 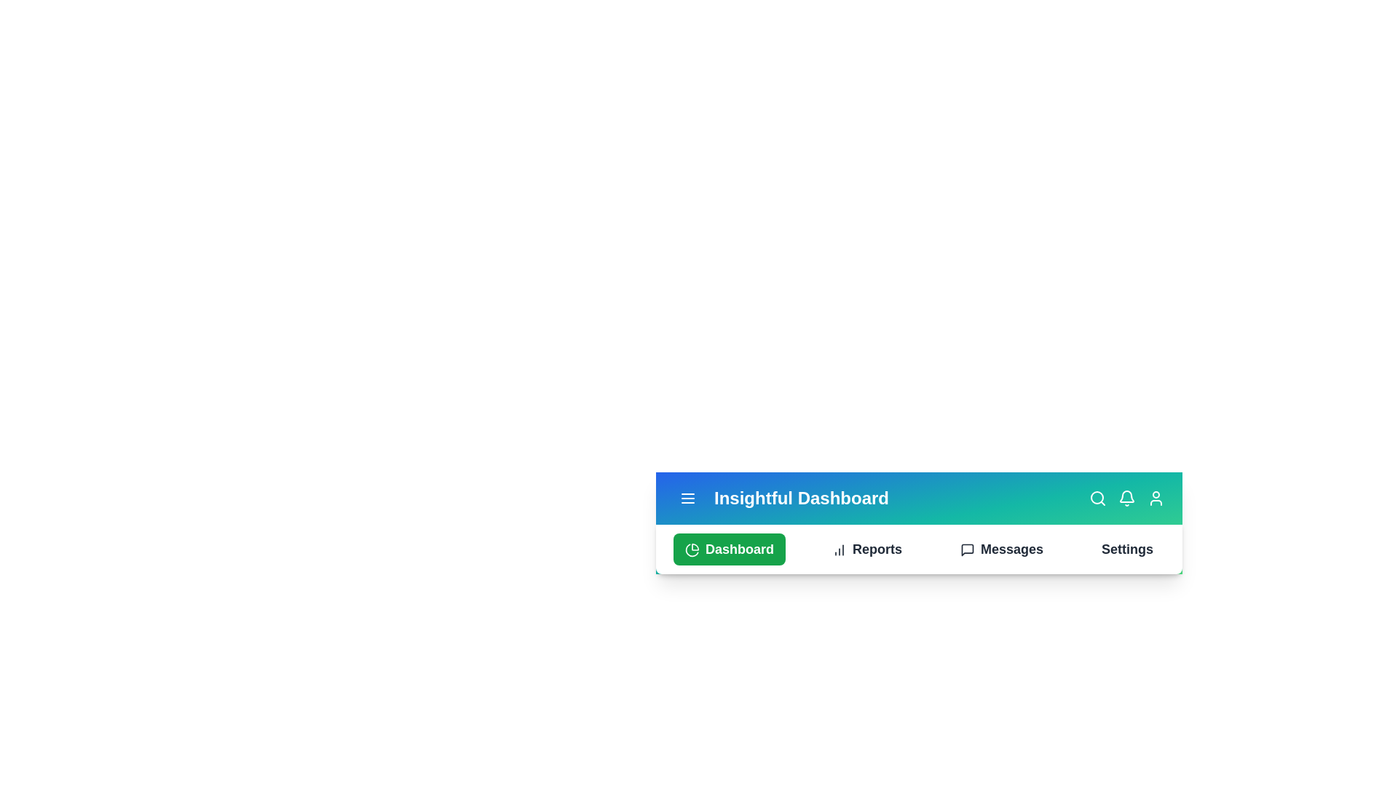 I want to click on the menu toggle button to toggle the menu visibility, so click(x=687, y=498).